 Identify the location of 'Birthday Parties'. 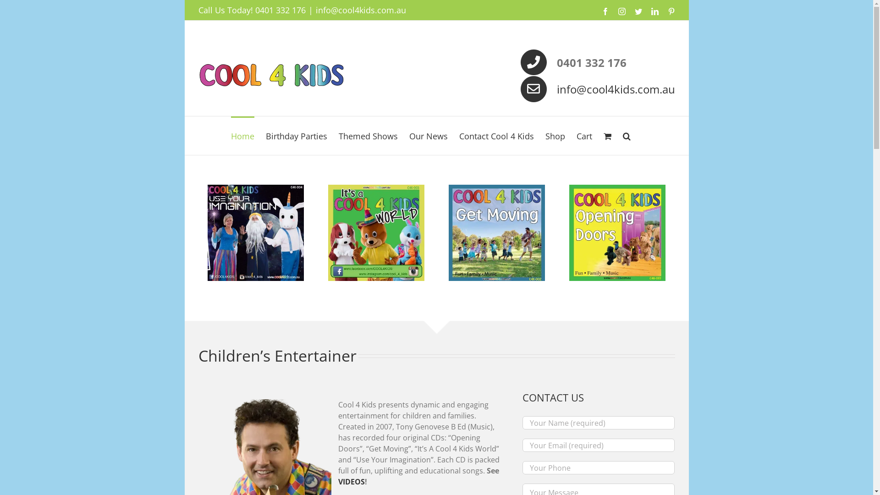
(297, 136).